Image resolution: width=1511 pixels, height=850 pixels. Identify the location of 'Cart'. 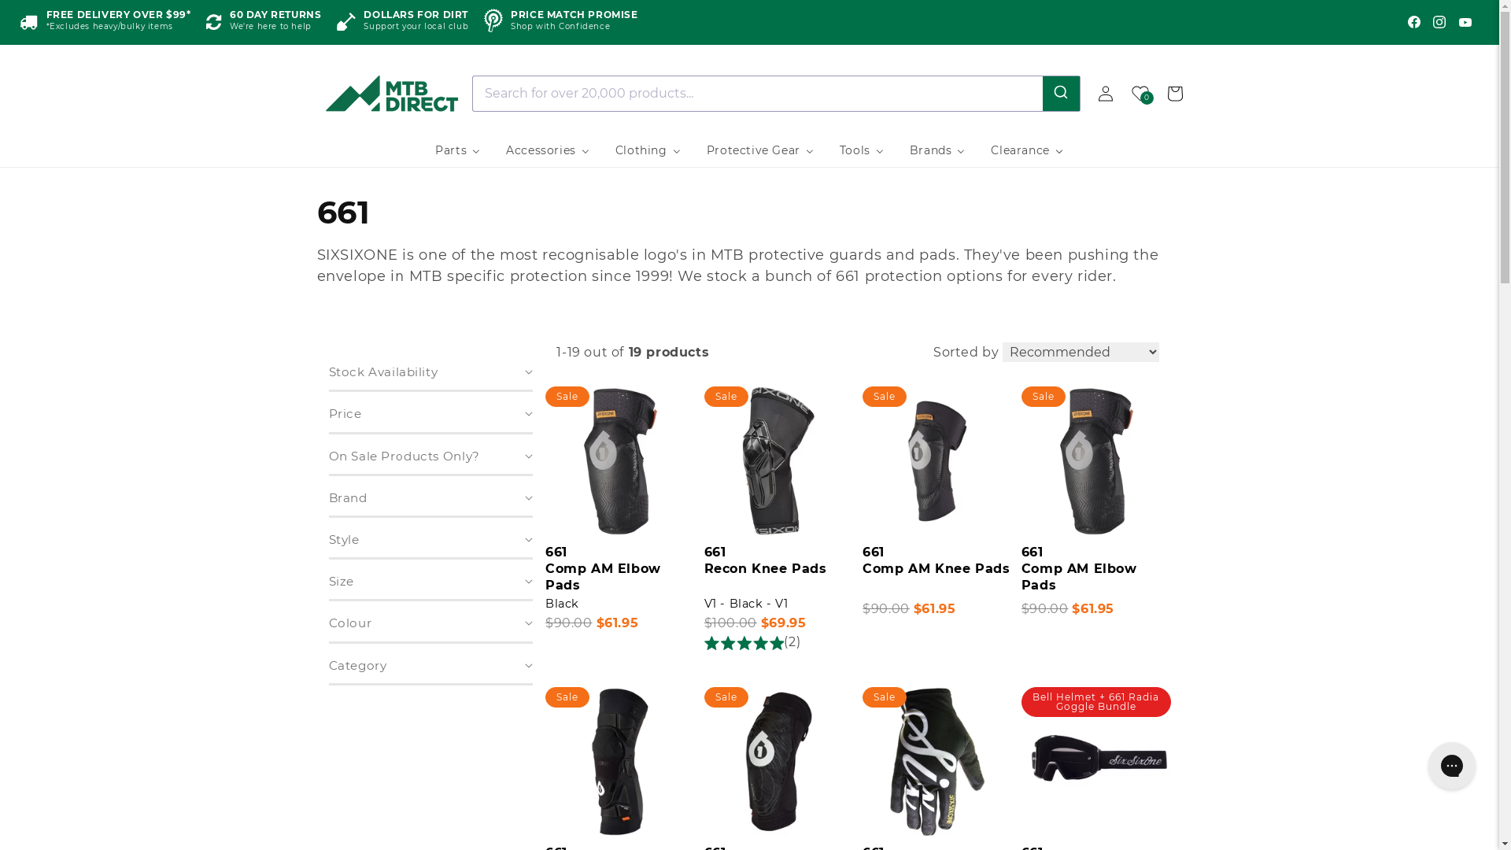
(1156, 93).